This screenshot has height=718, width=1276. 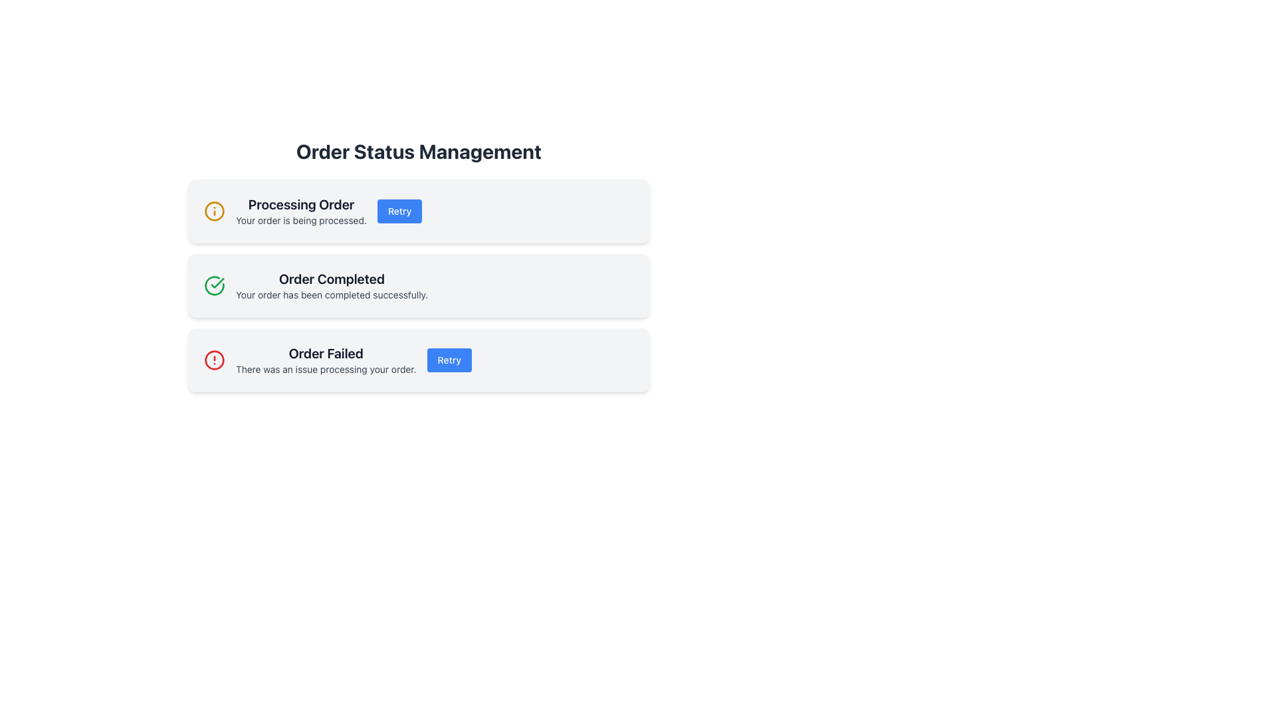 What do you see at coordinates (418, 285) in the screenshot?
I see `the Informational Section that indicates successful order completion, located between the 'Processing Order' and 'Order Failed' sections under the 'Order Status Management' heading` at bounding box center [418, 285].